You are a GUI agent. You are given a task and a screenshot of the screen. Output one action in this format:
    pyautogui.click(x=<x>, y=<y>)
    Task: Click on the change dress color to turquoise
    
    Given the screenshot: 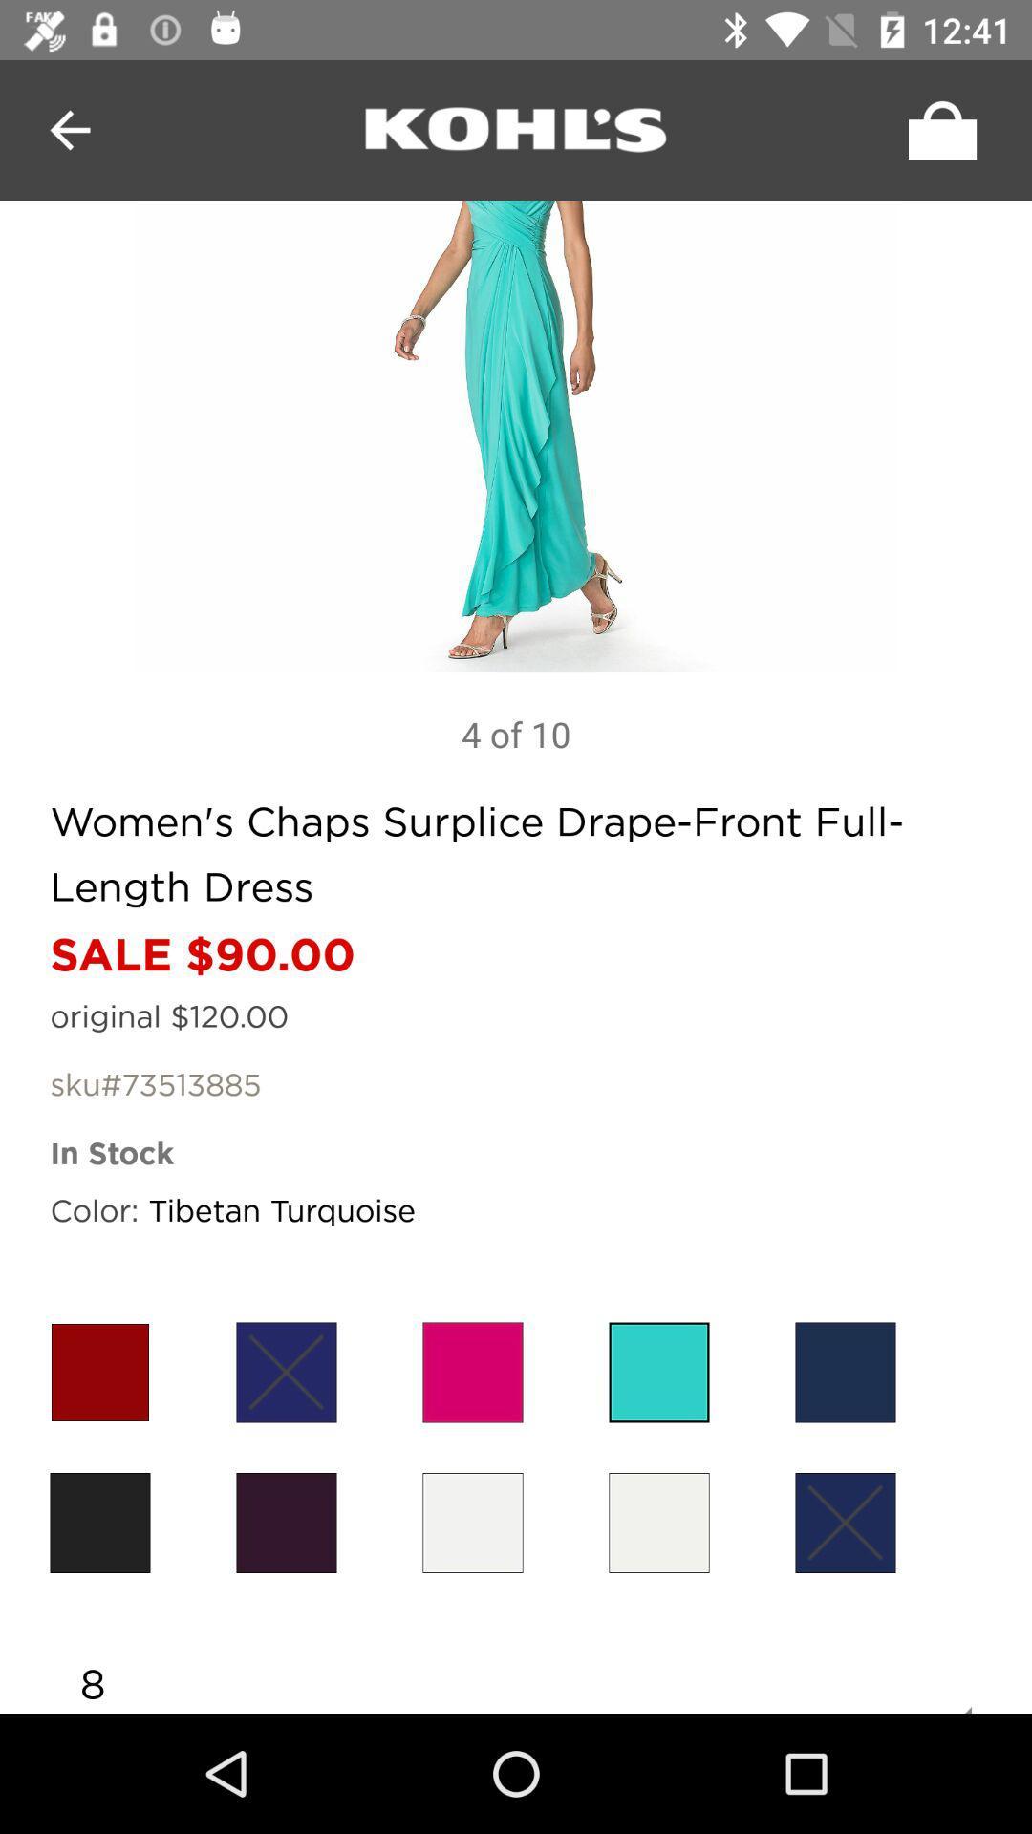 What is the action you would take?
    pyautogui.click(x=658, y=1371)
    